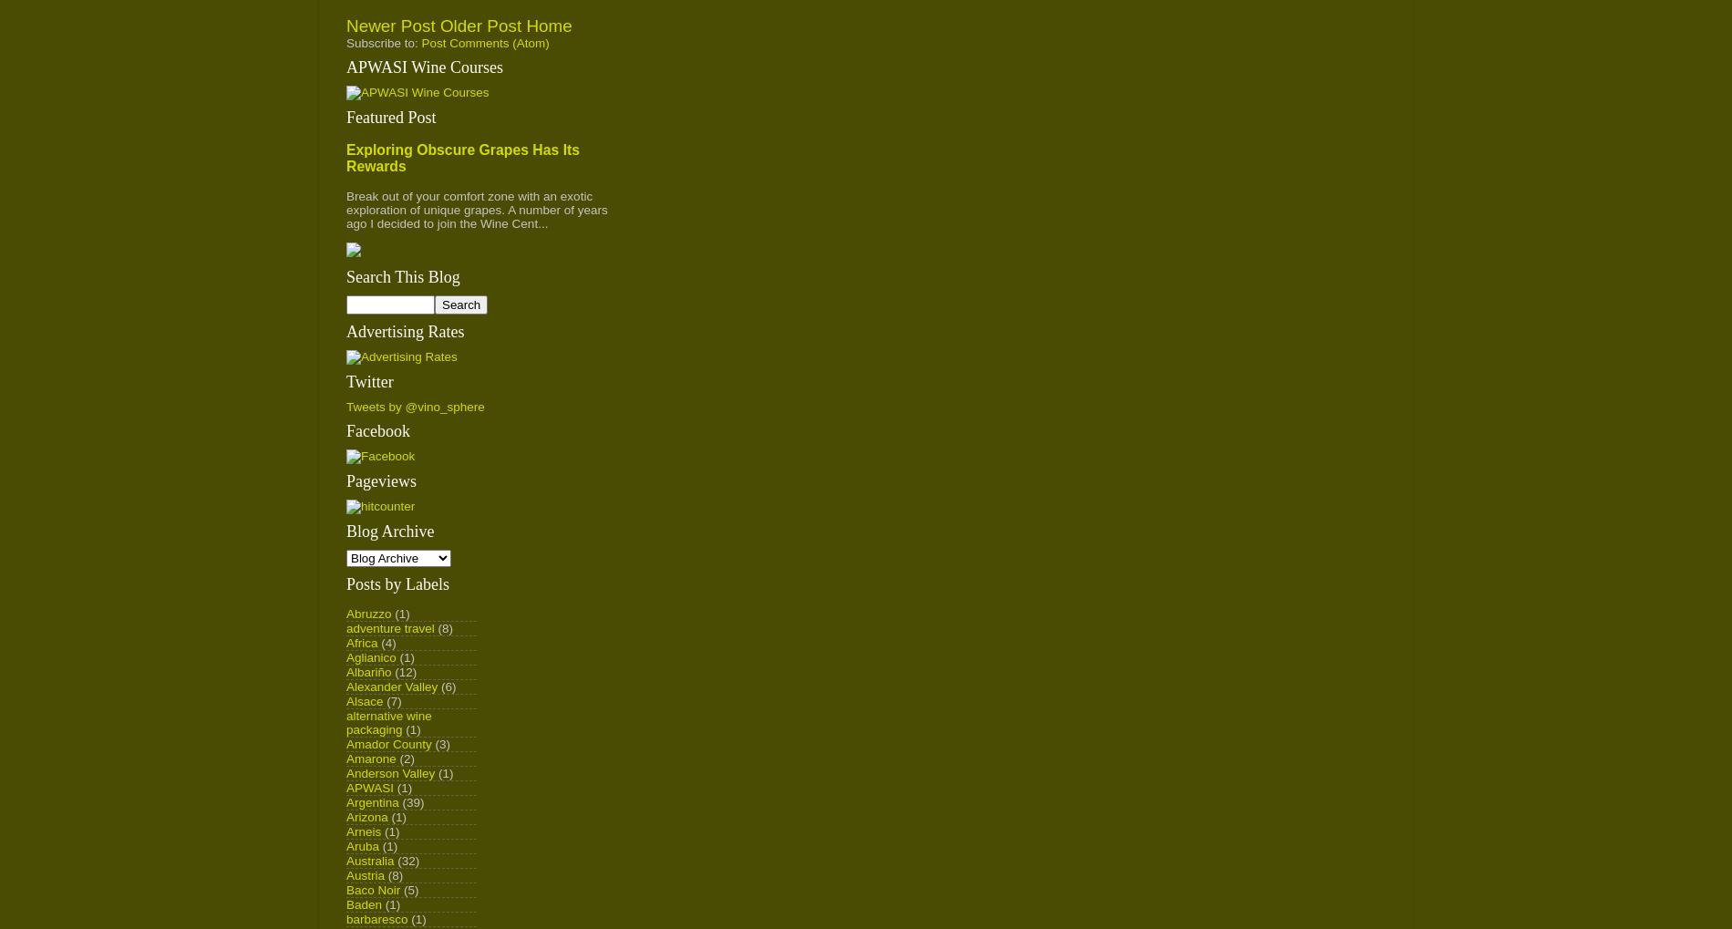 The image size is (1732, 929). I want to click on 'Break out of your comfort zone with an exotic exploration of unique grapes.     A number of years ago I decided to join the Wine Cent...', so click(477, 208).